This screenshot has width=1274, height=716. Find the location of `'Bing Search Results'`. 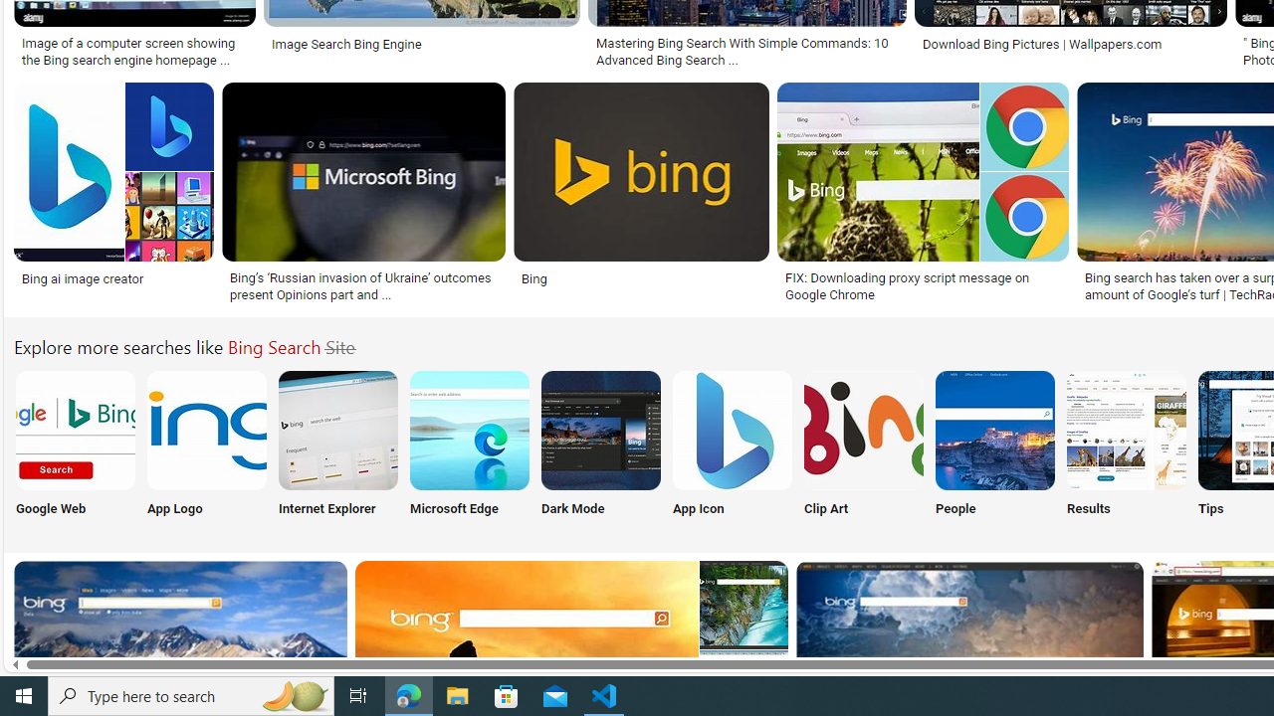

'Bing Search Results' is located at coordinates (1127, 429).